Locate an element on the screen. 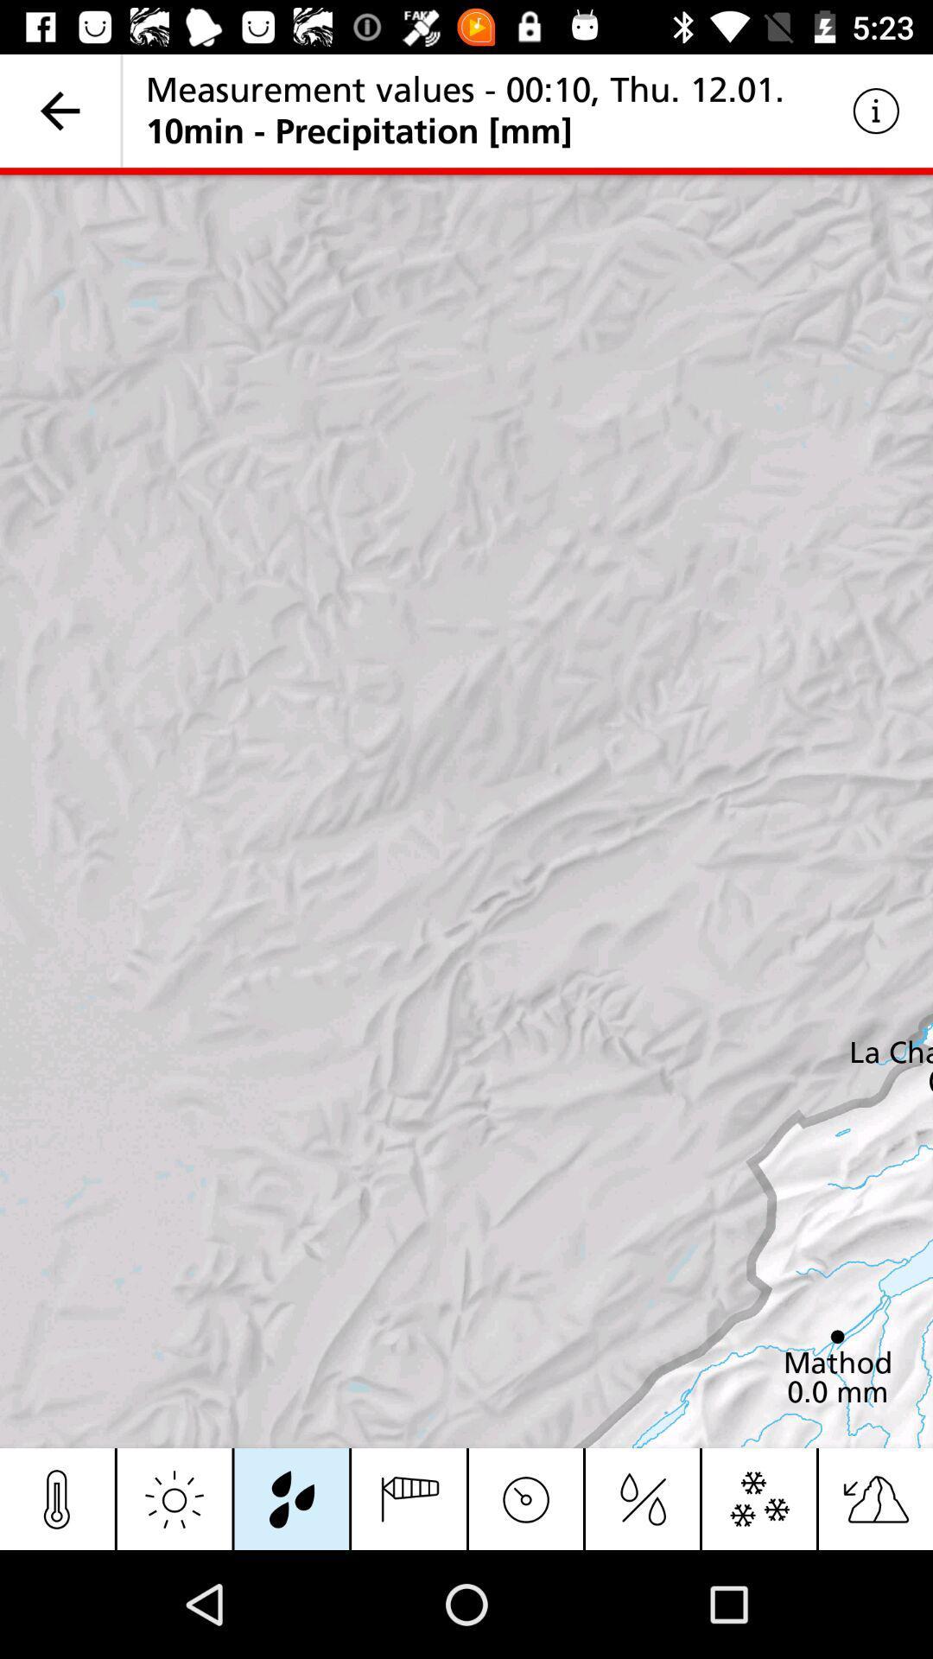 The image size is (933, 1659). icon to the right of measurement values 00 item is located at coordinates (876, 110).